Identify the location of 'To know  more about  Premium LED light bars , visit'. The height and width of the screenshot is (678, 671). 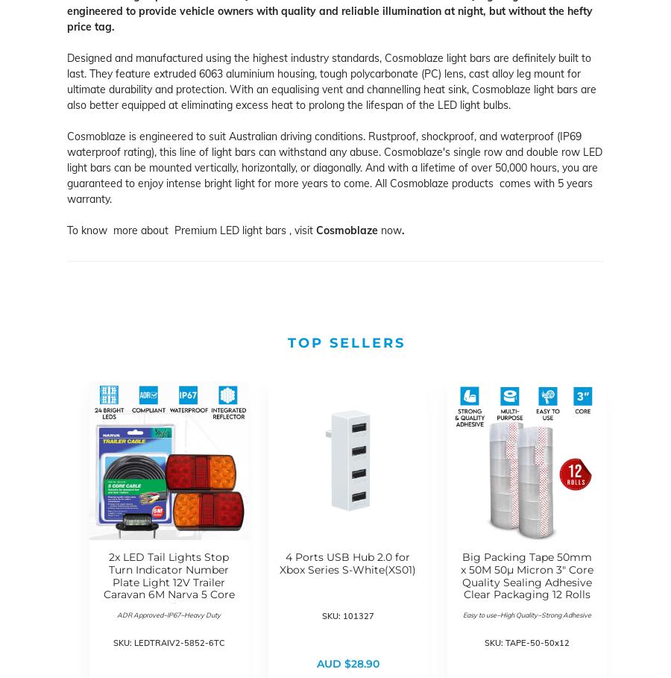
(191, 229).